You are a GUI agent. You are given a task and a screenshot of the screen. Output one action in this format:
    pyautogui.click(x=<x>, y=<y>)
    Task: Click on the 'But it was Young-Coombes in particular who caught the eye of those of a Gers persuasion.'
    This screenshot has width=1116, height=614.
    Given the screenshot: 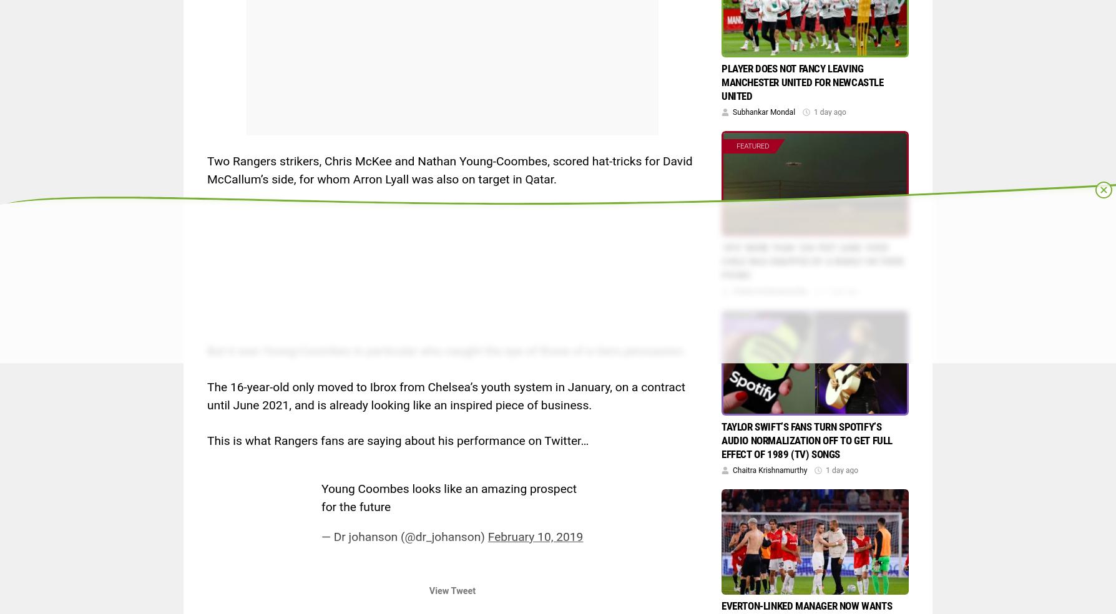 What is the action you would take?
    pyautogui.click(x=446, y=350)
    